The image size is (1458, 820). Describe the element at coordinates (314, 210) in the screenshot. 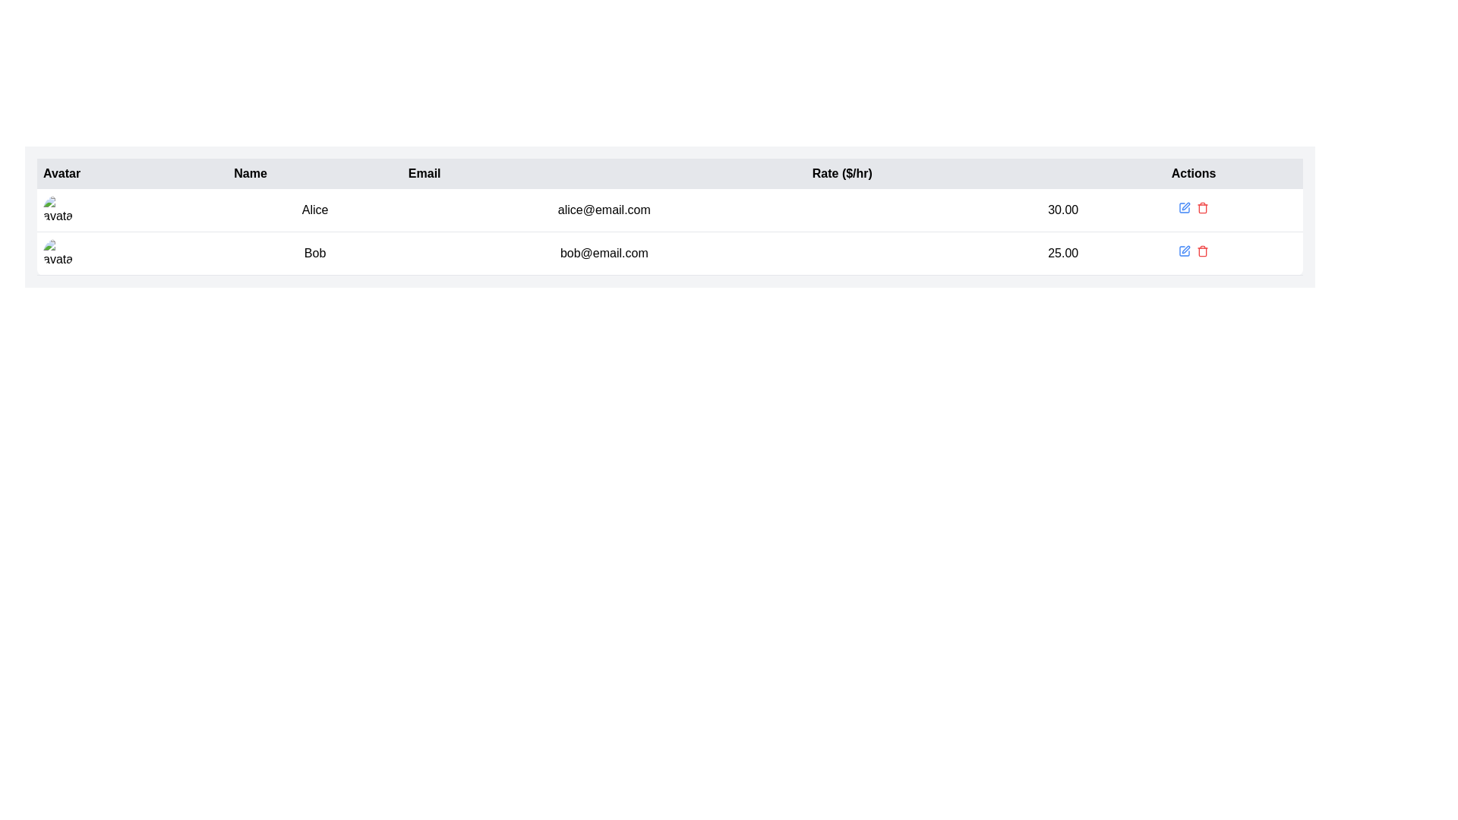

I see `text label in the second column of the first data row of the table that identifies the user as 'Alice'` at that location.